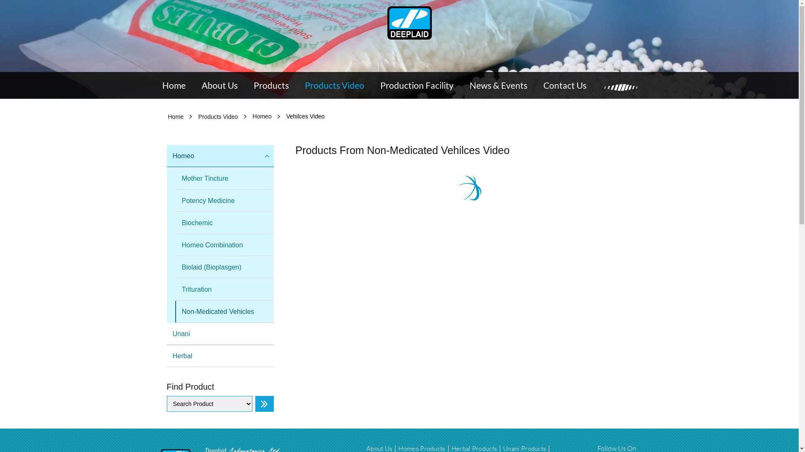 The image size is (805, 452). Describe the element at coordinates (224, 267) in the screenshot. I see `'Biolaid (Bioplasgen)'` at that location.